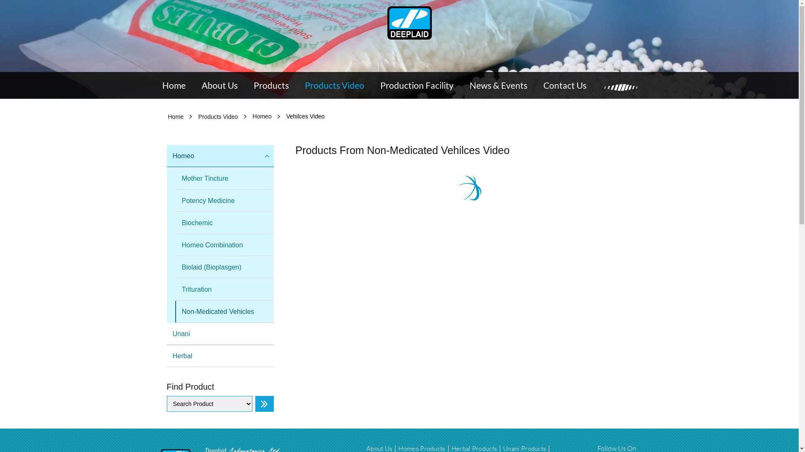 The image size is (805, 452). Describe the element at coordinates (224, 267) in the screenshot. I see `'Biolaid (Bioplasgen)'` at that location.